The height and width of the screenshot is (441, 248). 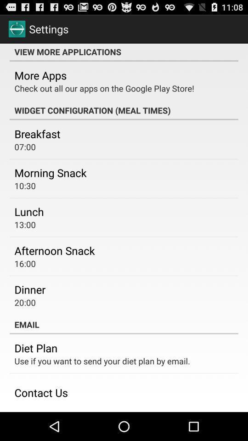 What do you see at coordinates (30, 289) in the screenshot?
I see `dinner icon` at bounding box center [30, 289].